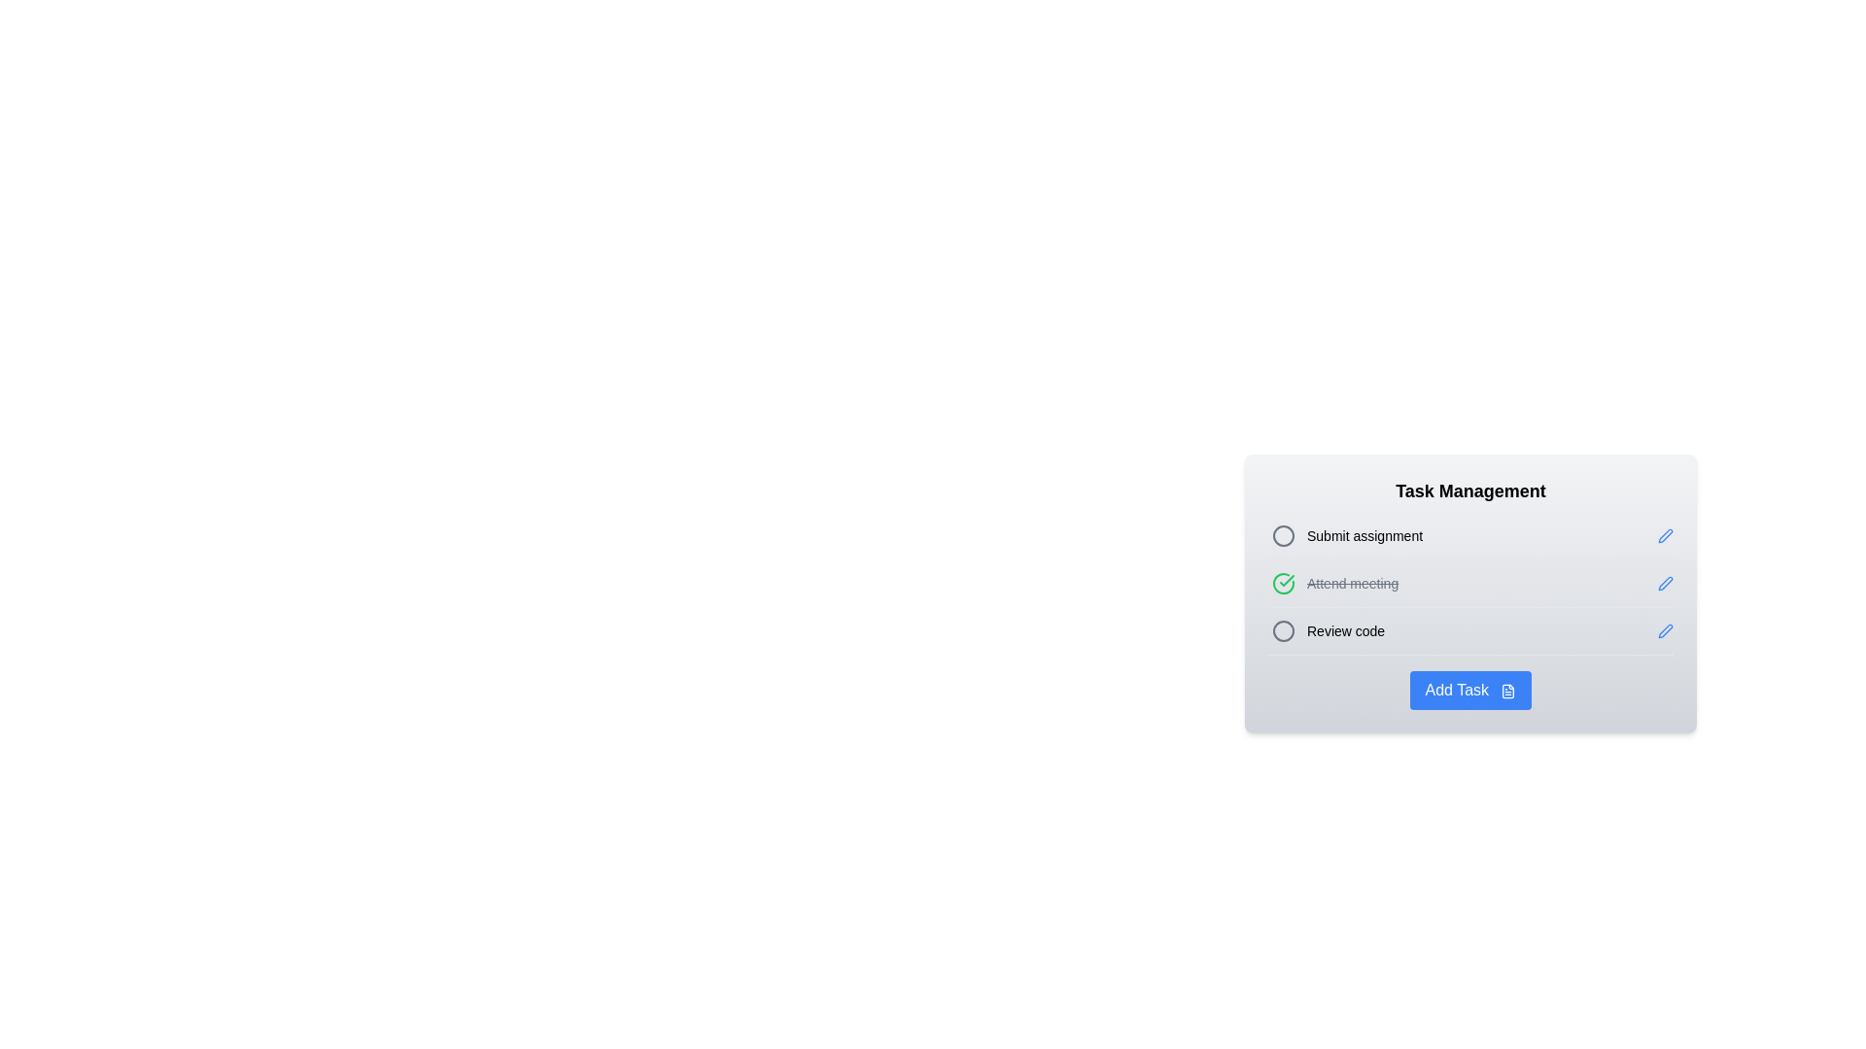 This screenshot has width=1866, height=1049. Describe the element at coordinates (1470, 689) in the screenshot. I see `the blue rectangular button labeled 'Add Task' located at the bottom center of the 'Task Management' section` at that location.